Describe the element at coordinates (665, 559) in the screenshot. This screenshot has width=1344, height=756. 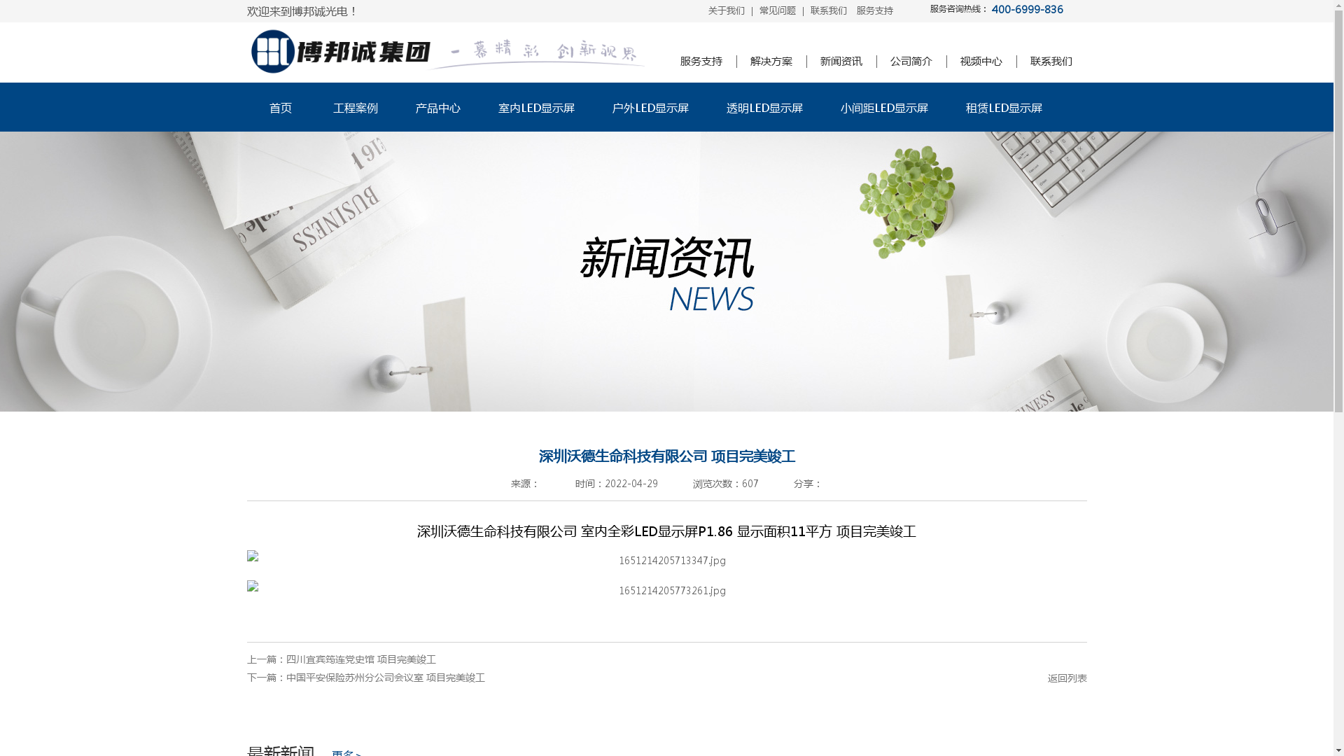
I see `'1652404829435409.jpg'` at that location.